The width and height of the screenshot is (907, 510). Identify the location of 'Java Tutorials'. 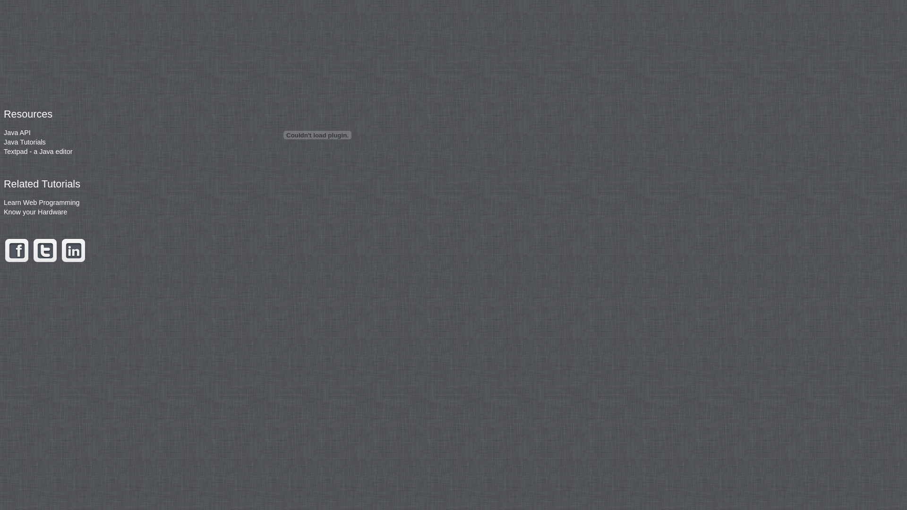
(25, 142).